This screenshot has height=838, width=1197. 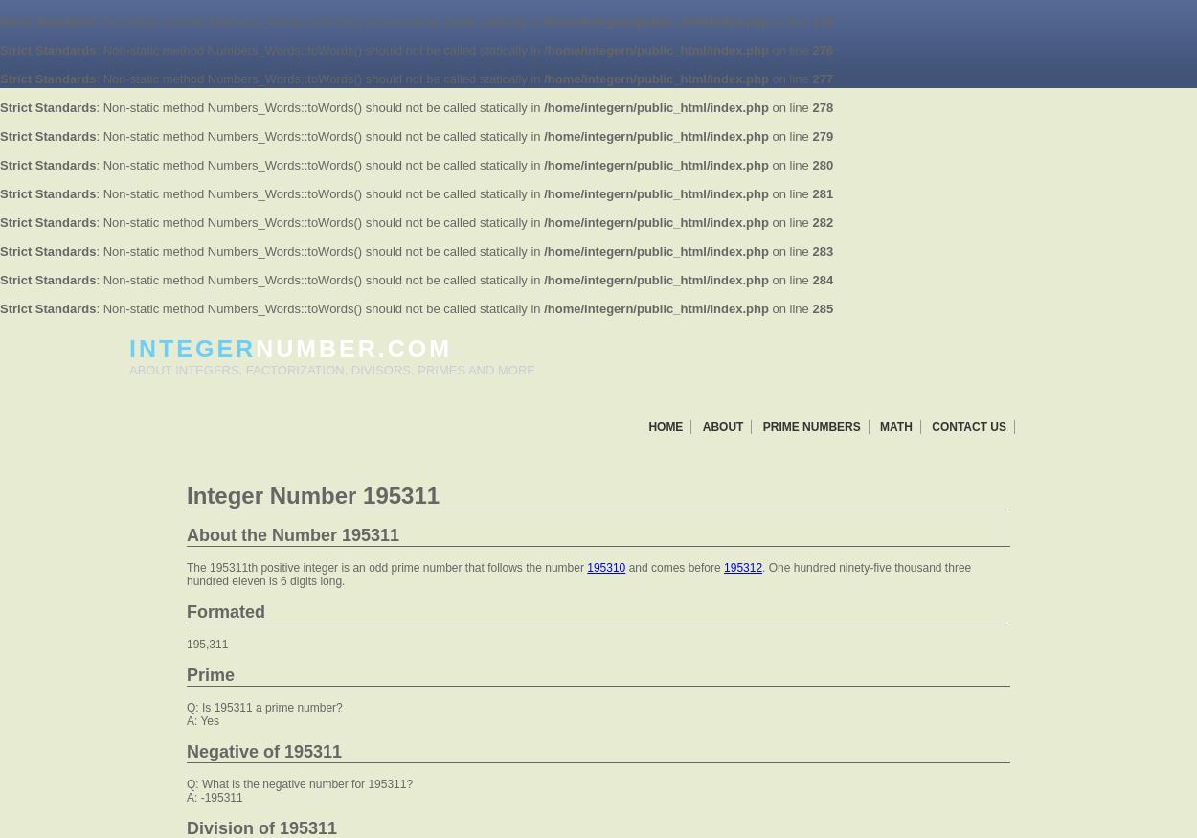 I want to click on '280', so click(x=822, y=164).